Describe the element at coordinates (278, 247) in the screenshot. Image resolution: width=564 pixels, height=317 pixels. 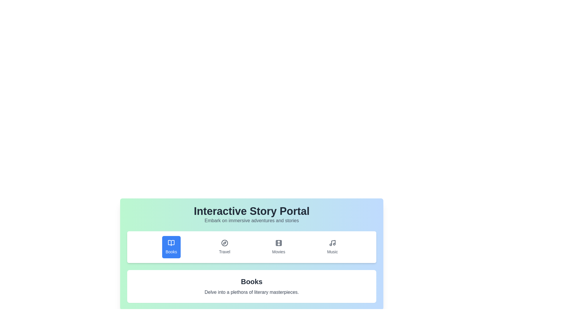
I see `the third button in the horizontal row of buttons related to movies, located on a light-colored card below the 'Interactive Story Portal' title` at that location.